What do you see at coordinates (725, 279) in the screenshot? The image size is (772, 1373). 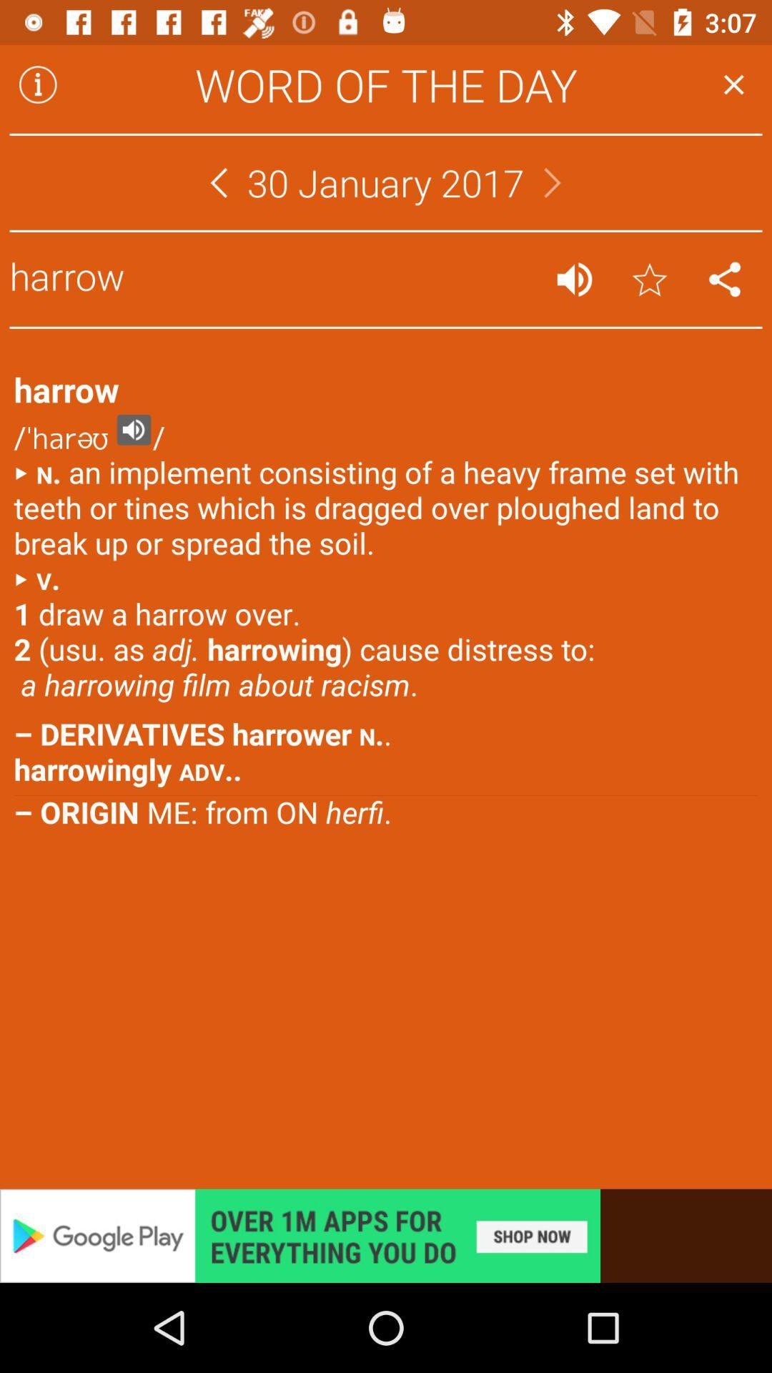 I see `share` at bounding box center [725, 279].